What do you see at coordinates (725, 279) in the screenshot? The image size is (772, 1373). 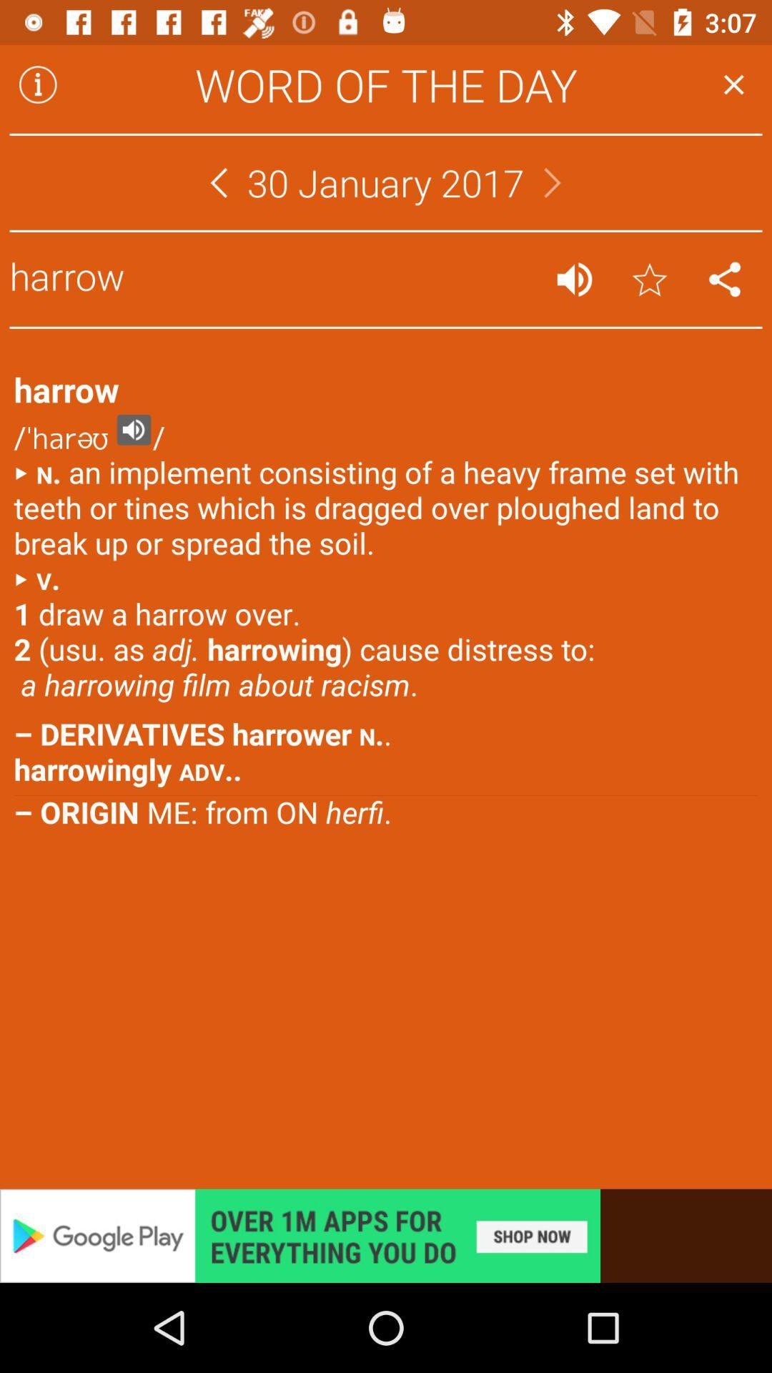 I see `share` at bounding box center [725, 279].